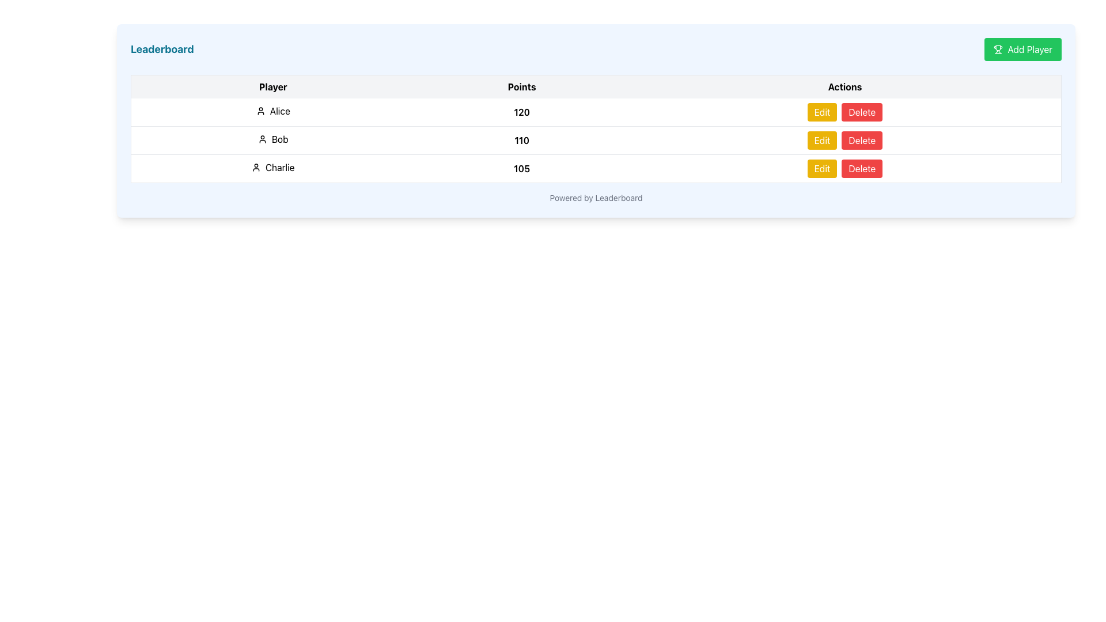  Describe the element at coordinates (272, 167) in the screenshot. I see `the icon associated with the user name 'Charlie' in the leaderboard, located in the third row under the 'Player' column` at that location.